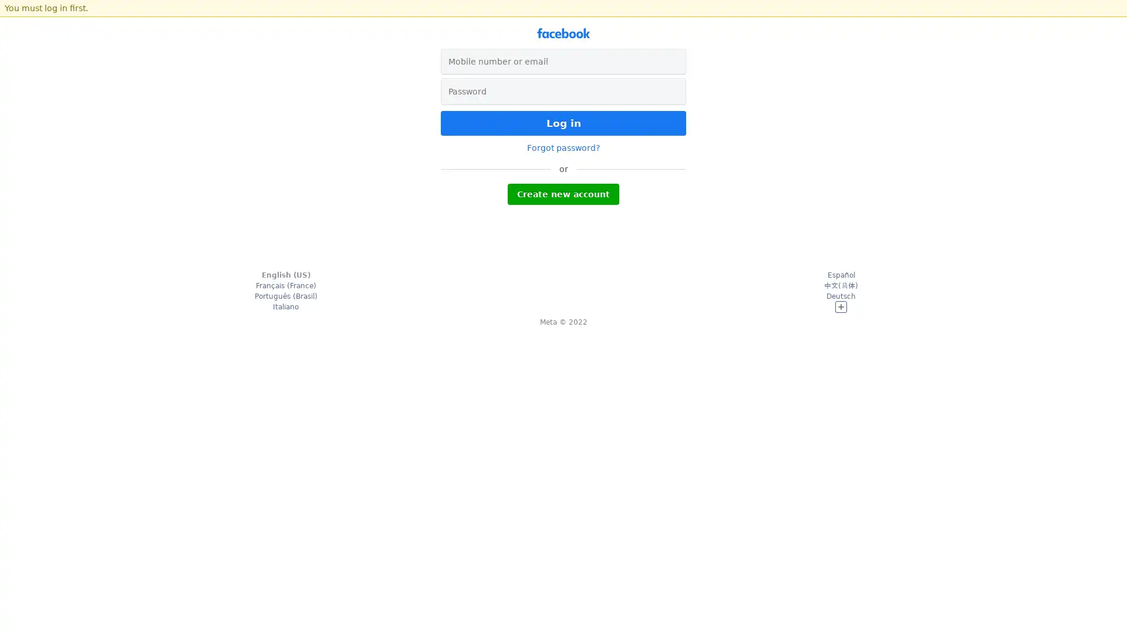 The height and width of the screenshot is (634, 1127). I want to click on Log in, so click(563, 123).